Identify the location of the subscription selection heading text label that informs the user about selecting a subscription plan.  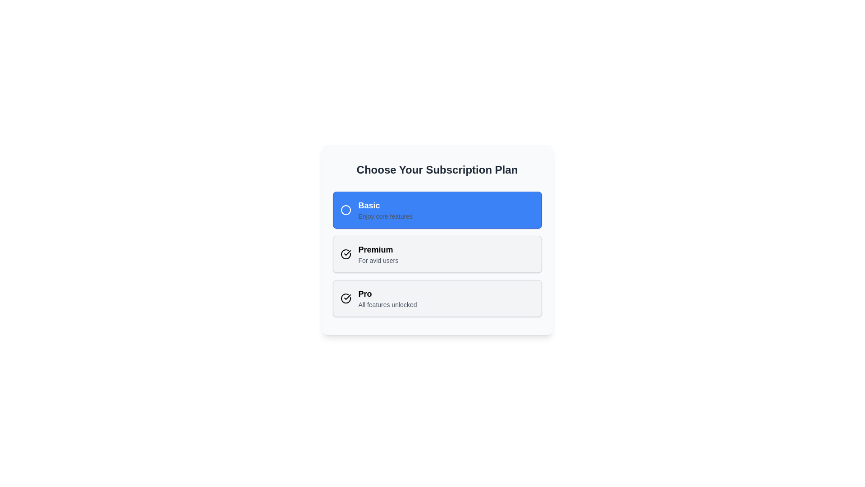
(437, 170).